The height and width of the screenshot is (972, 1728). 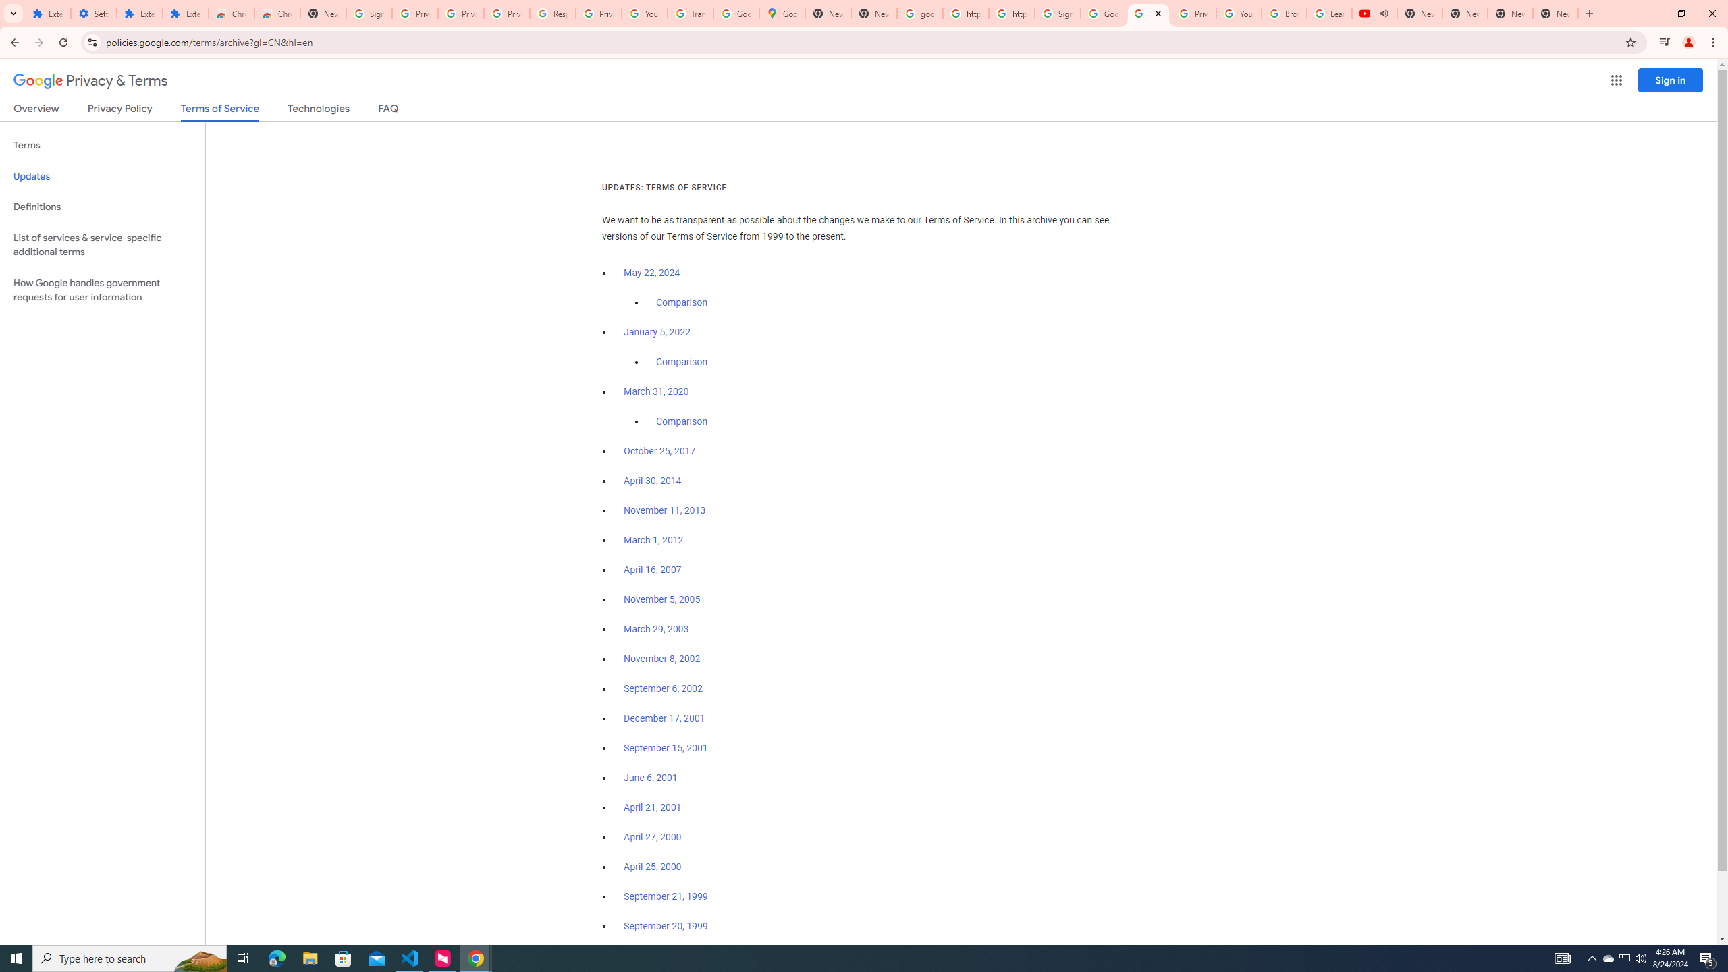 I want to click on 'September 15, 2001', so click(x=666, y=747).